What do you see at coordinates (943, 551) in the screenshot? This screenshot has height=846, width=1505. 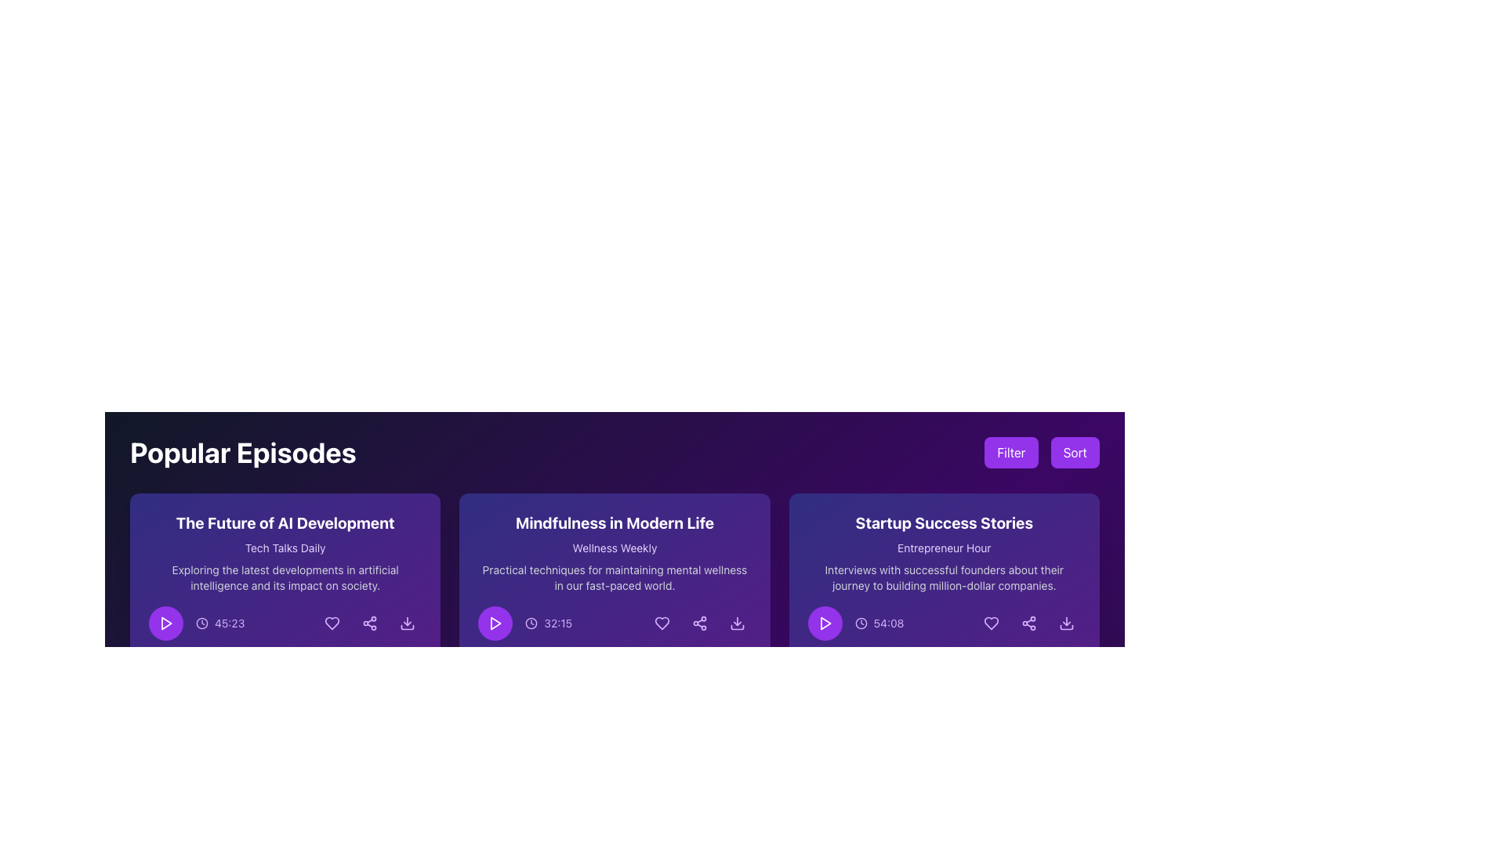 I see `the central text block titled 'Startup Success Stories' in the third card from the left in the 'Popular Episodes' section, which features a purple gradient background and contains a subtitle 'Entrepreneur Hour'` at bounding box center [943, 551].